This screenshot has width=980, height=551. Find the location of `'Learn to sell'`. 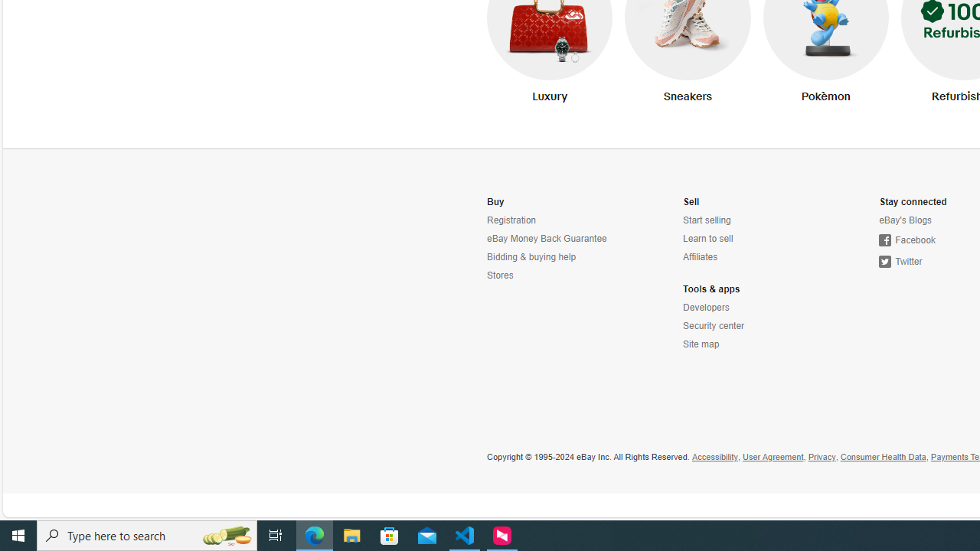

'Learn to sell' is located at coordinates (707, 239).